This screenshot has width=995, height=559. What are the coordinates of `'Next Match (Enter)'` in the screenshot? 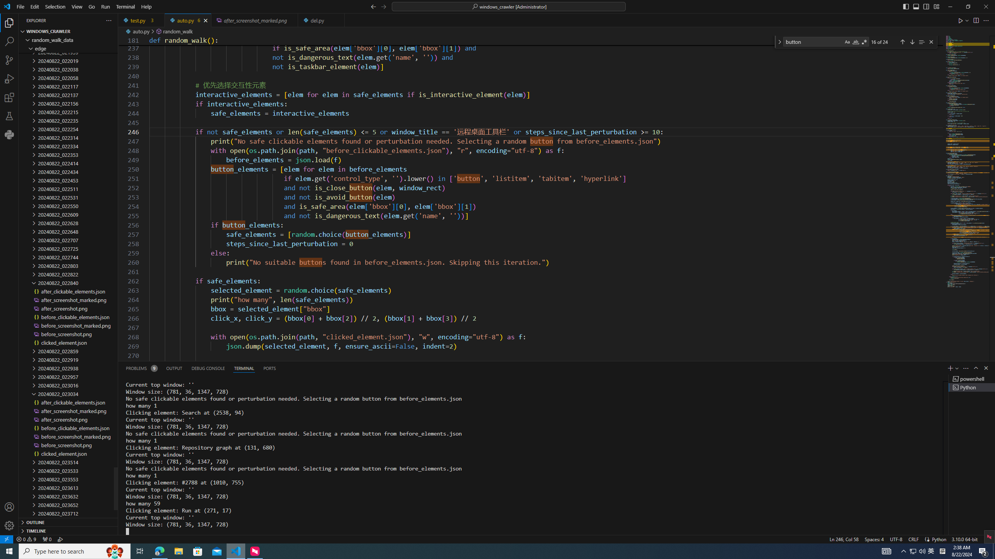 It's located at (911, 42).